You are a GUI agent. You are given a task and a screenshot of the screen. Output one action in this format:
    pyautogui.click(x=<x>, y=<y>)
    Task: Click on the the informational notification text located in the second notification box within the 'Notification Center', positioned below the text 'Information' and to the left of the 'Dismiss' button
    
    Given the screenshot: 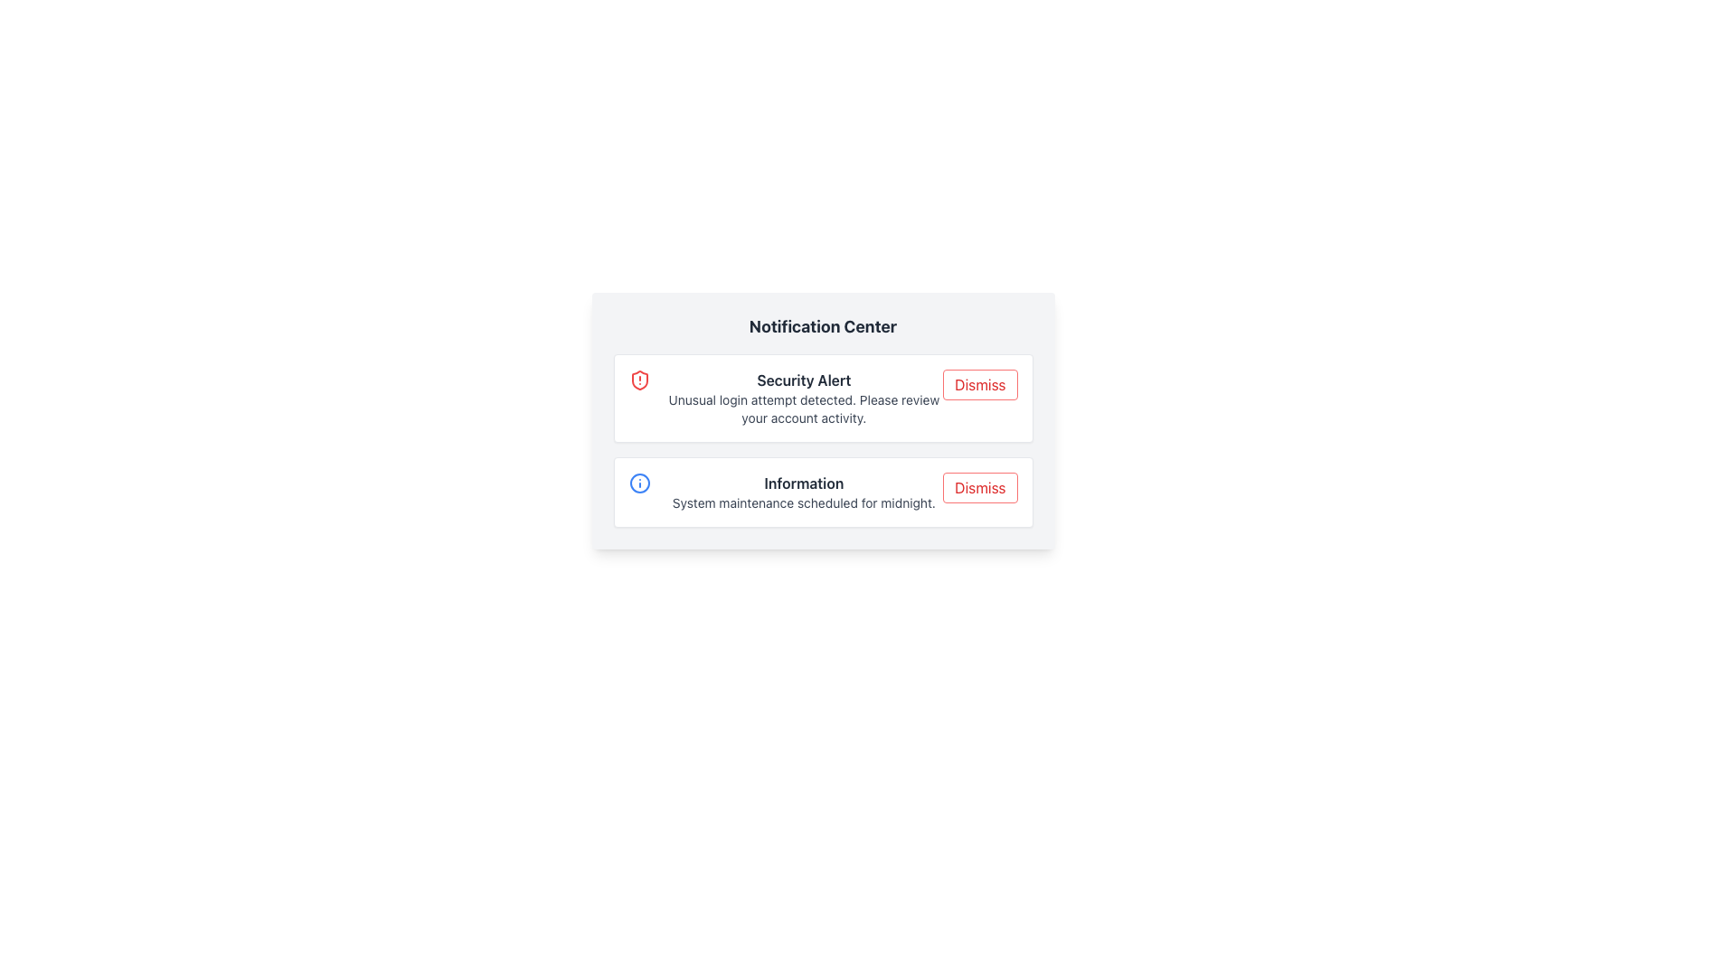 What is the action you would take?
    pyautogui.click(x=803, y=502)
    